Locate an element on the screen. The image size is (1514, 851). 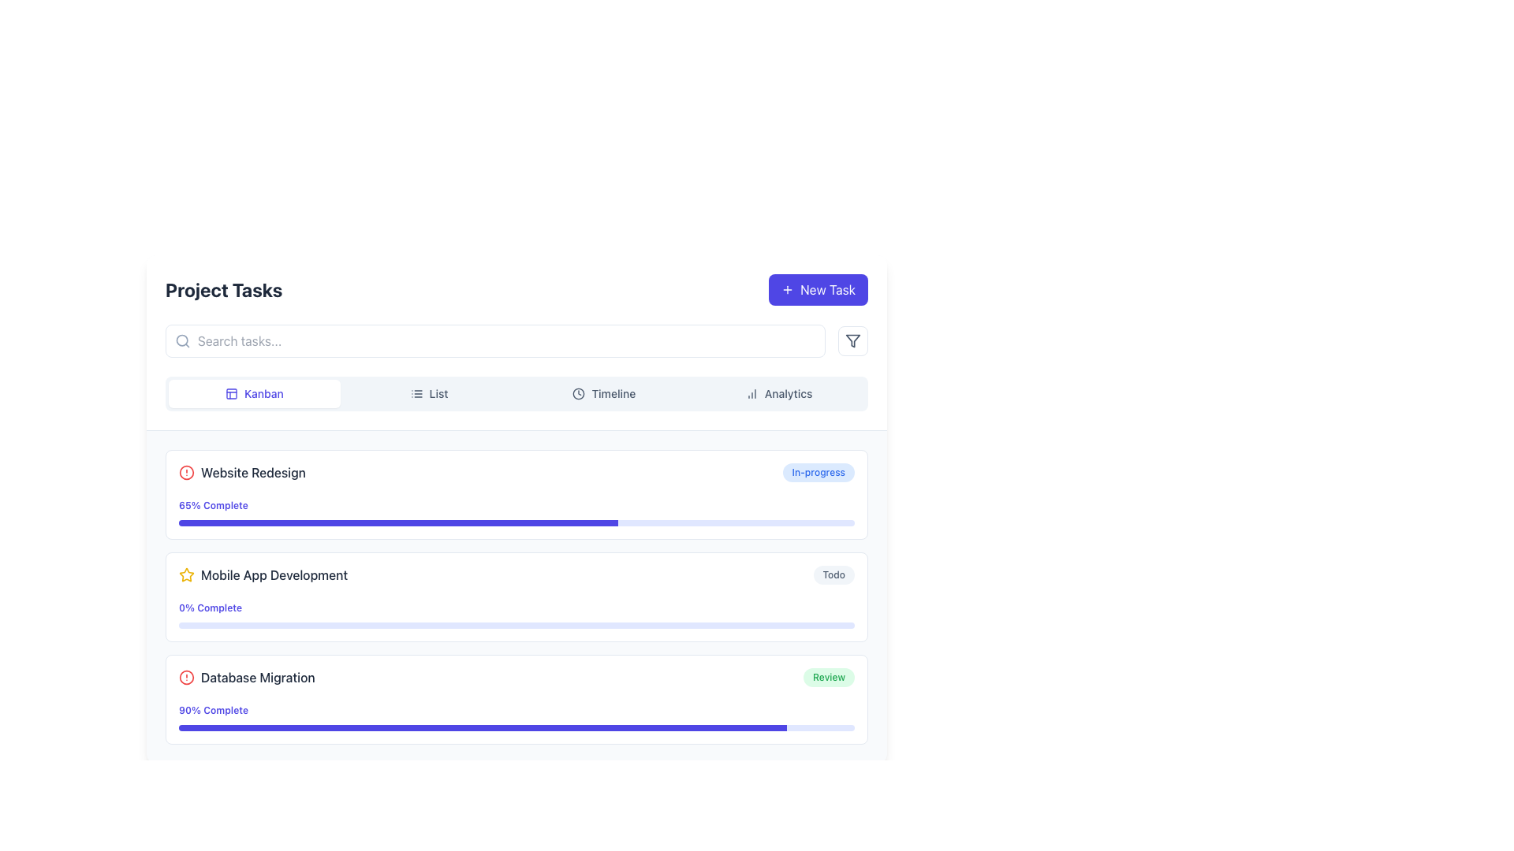
the SVG icon resembling a grid layout located to the left of the 'Kanban' text in the 'Project Tasks' section is located at coordinates (230, 393).